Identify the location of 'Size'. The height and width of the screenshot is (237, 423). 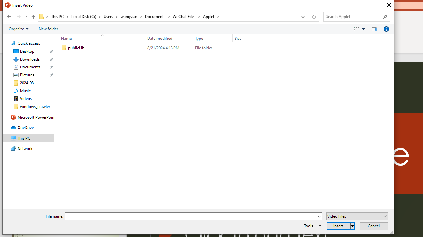
(245, 48).